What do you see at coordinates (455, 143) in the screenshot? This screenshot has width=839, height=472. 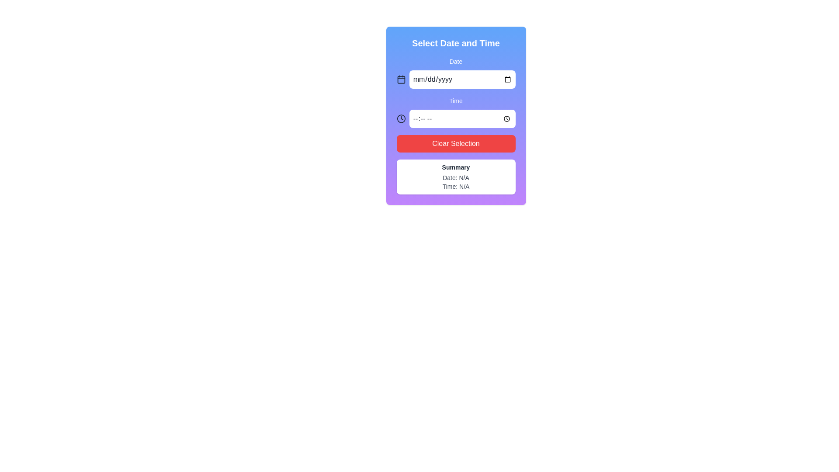 I see `the 'Clear' button located at the bottom of the input section within the form card to clear the user's date and time selections` at bounding box center [455, 143].